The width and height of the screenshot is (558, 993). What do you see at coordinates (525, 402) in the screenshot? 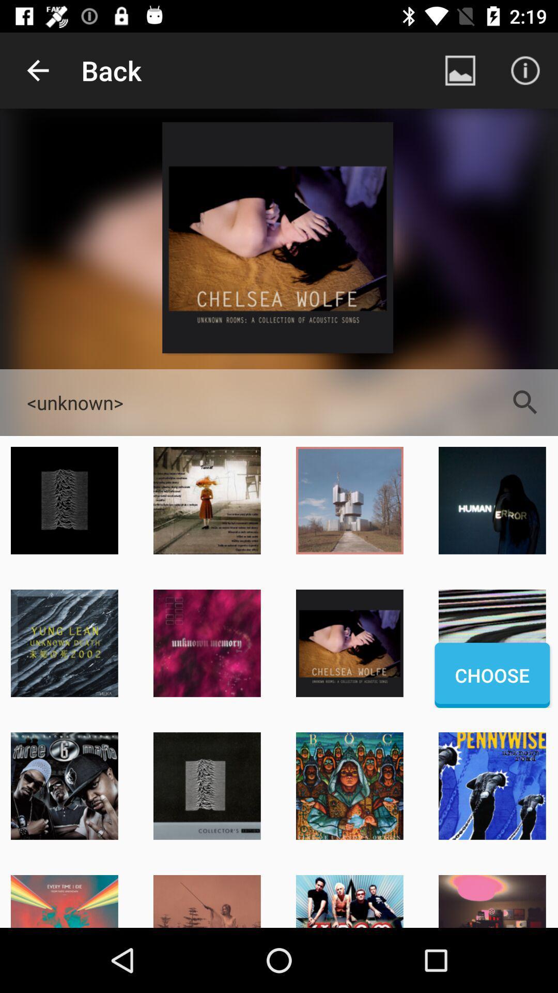
I see `the item next to <unknown>` at bounding box center [525, 402].